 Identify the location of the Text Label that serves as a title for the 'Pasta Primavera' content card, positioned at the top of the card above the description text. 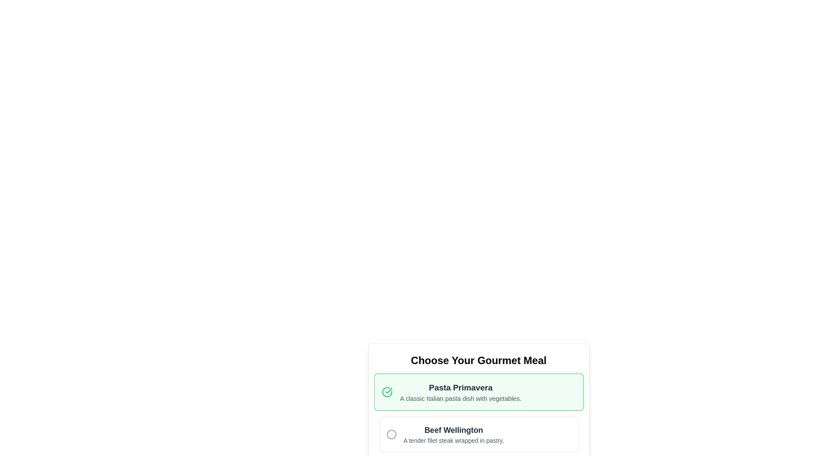
(460, 387).